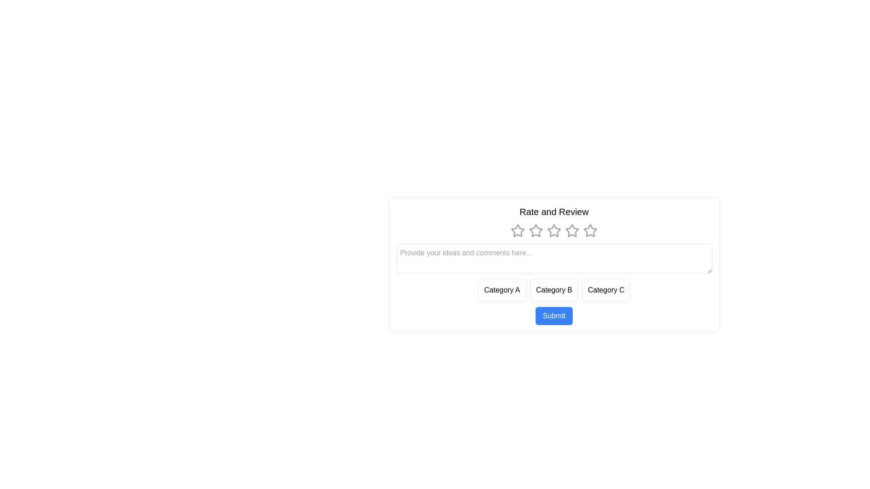  What do you see at coordinates (536, 230) in the screenshot?
I see `the star corresponding to the rating 2` at bounding box center [536, 230].